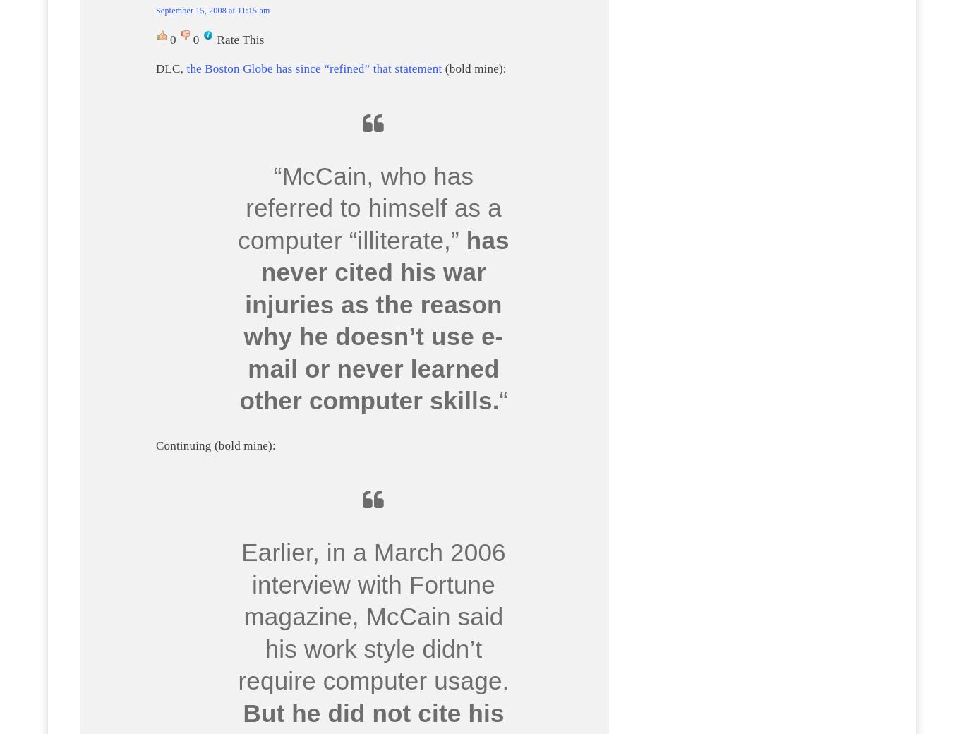 This screenshot has width=964, height=734. I want to click on '“McCain, who has referred to himself as a computer “illiterate,”', so click(369, 207).